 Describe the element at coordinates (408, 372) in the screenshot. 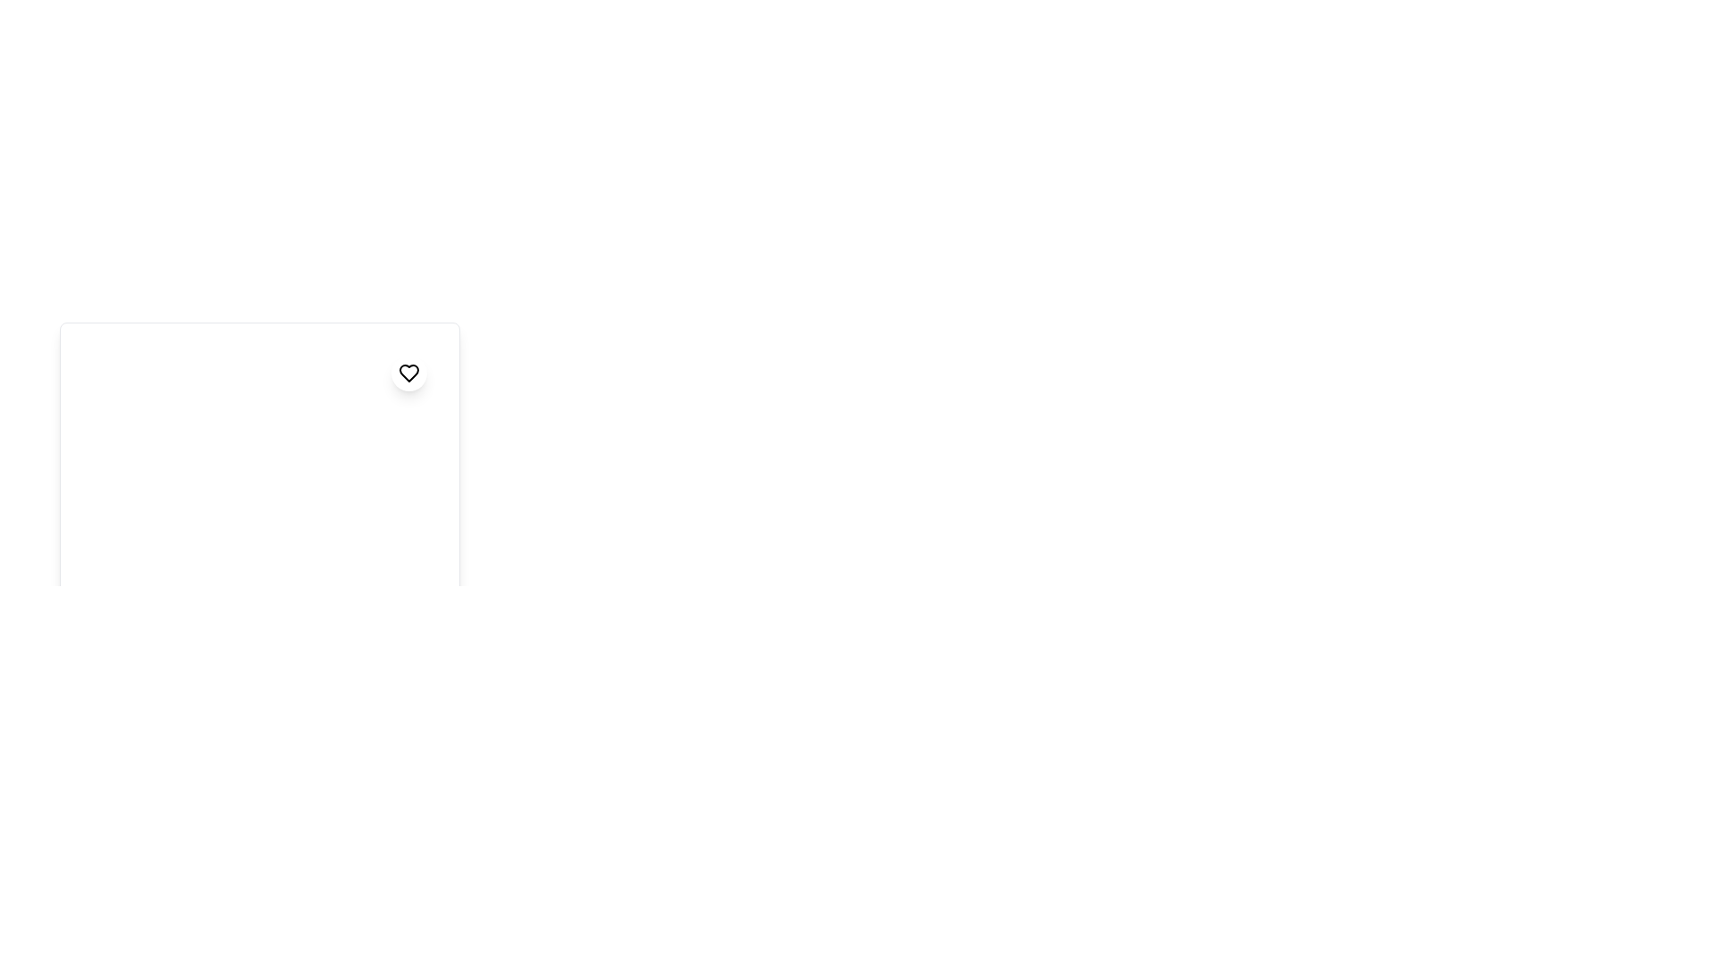

I see `the heart icon located at the top-right area of the overlay content panel, which symbolizes marking an item as a favorite or expressing a 'like.'` at that location.